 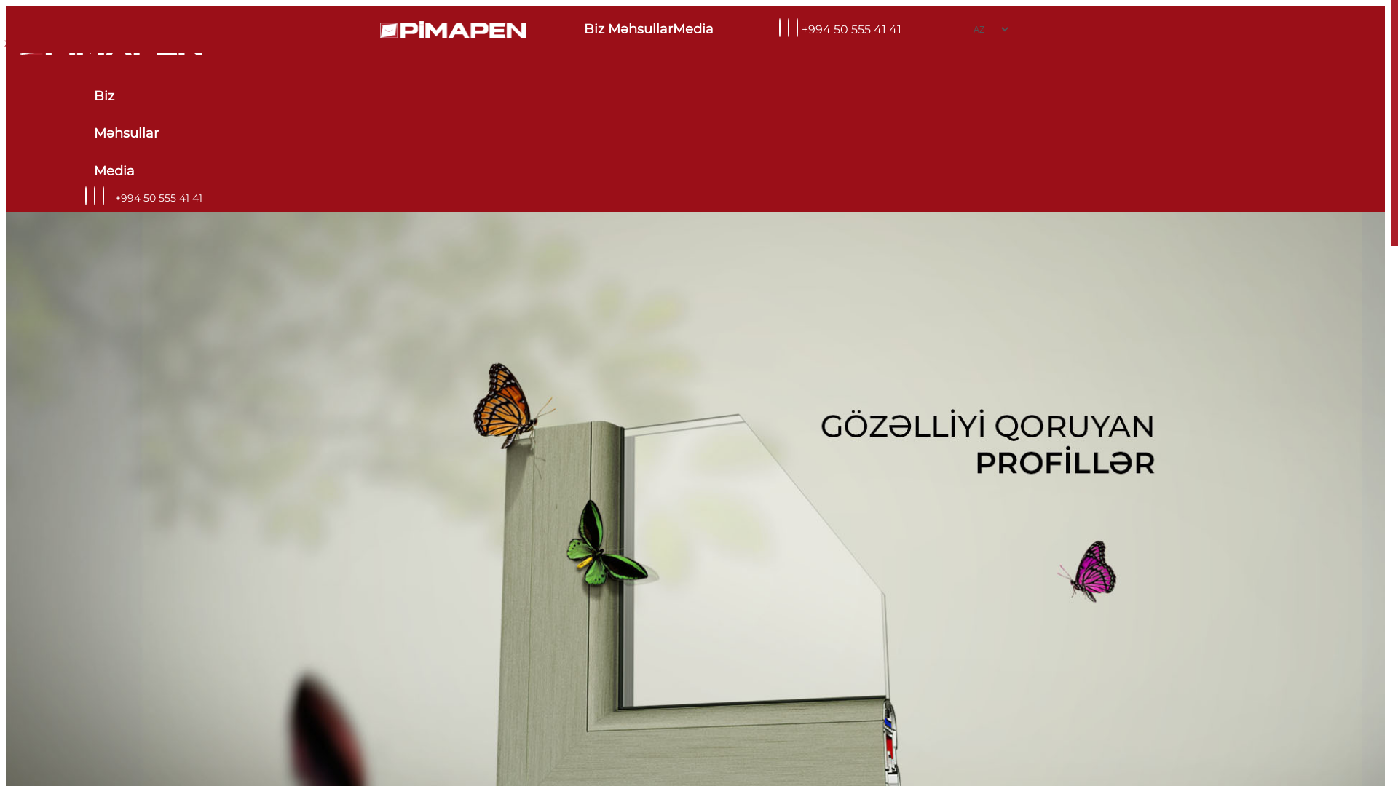 I want to click on 'Biz', so click(x=583, y=28).